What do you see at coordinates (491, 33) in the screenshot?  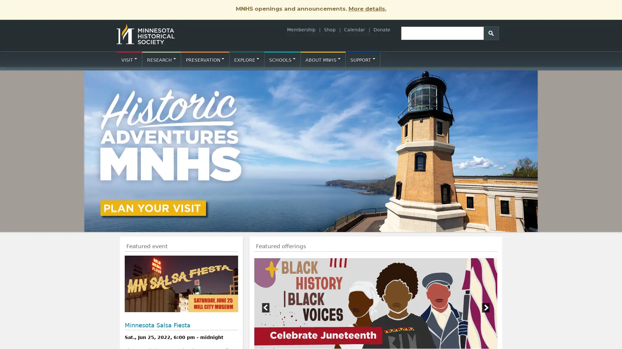 I see `Search` at bounding box center [491, 33].